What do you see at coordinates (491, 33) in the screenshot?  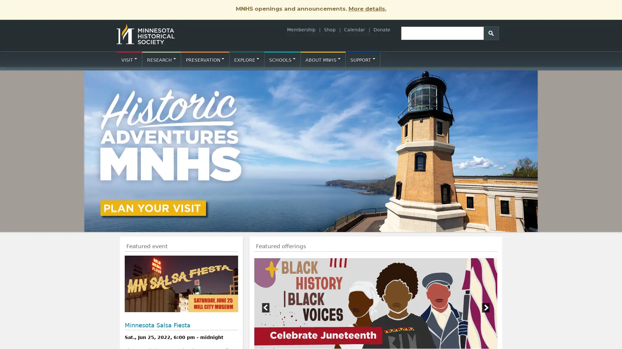 I see `Search` at bounding box center [491, 33].